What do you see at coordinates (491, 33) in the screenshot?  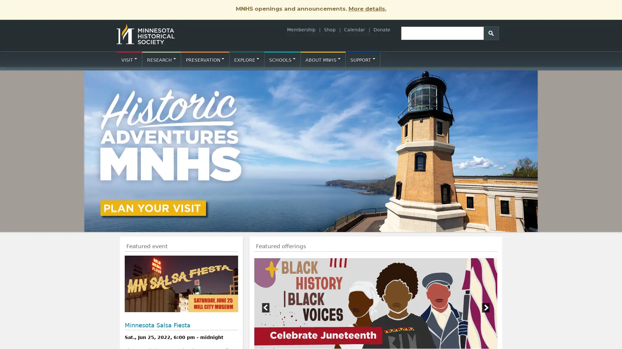 I see `Search` at bounding box center [491, 33].